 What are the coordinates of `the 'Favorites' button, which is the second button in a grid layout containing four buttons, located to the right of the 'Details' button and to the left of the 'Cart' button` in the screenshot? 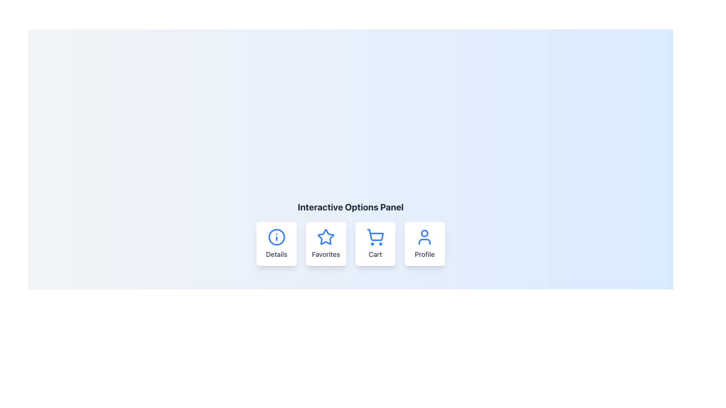 It's located at (326, 244).